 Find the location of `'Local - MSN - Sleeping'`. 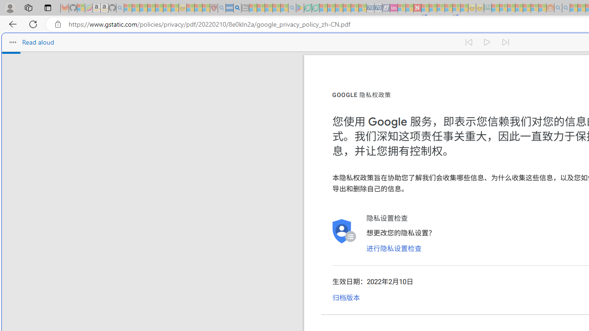

'Local - MSN - Sleeping' is located at coordinates (206, 8).